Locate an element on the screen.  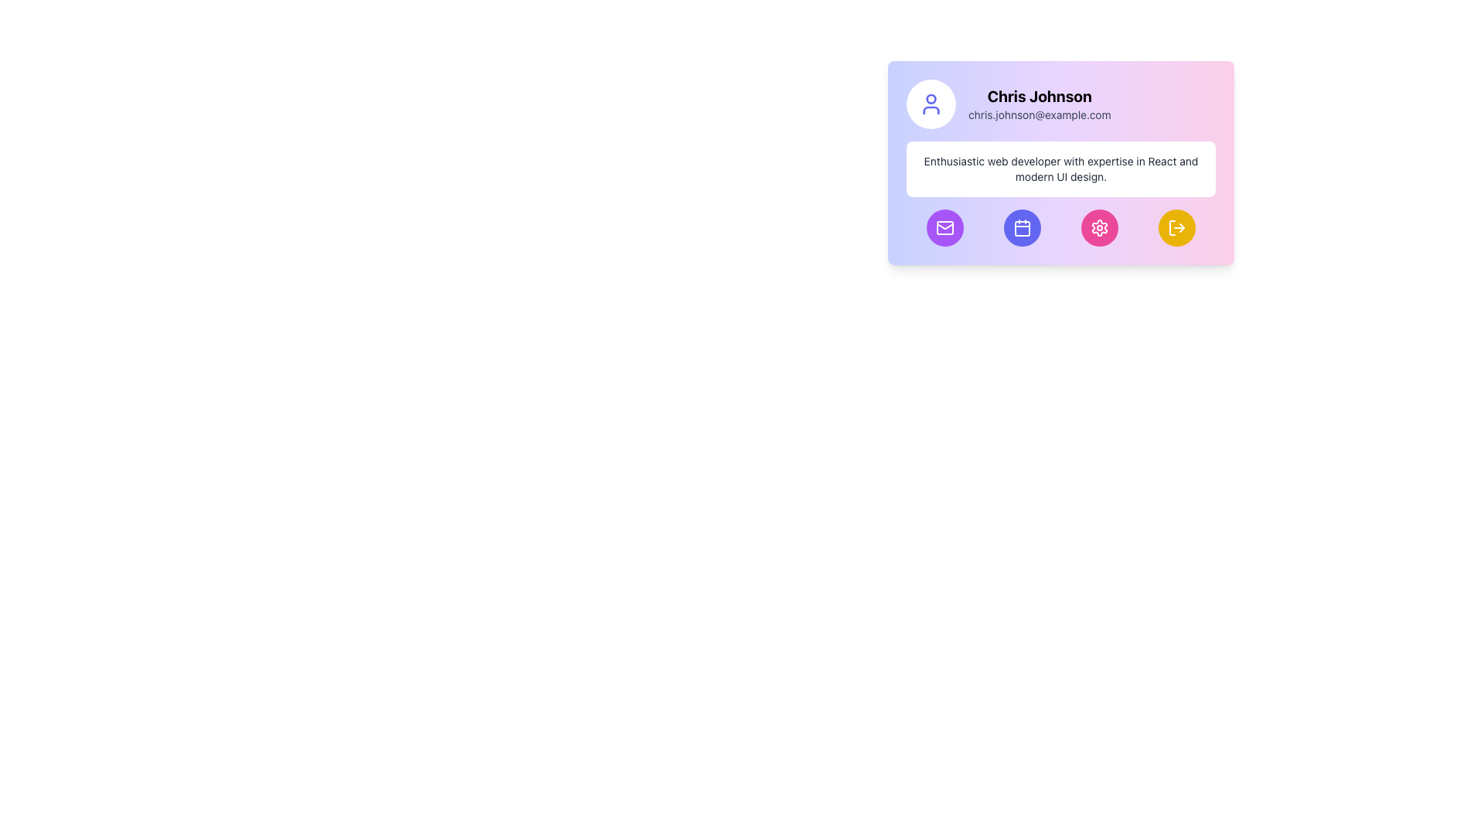
the mail envelope icon, which is the first icon from the left in the bottom row of the user profile card is located at coordinates (945, 227).